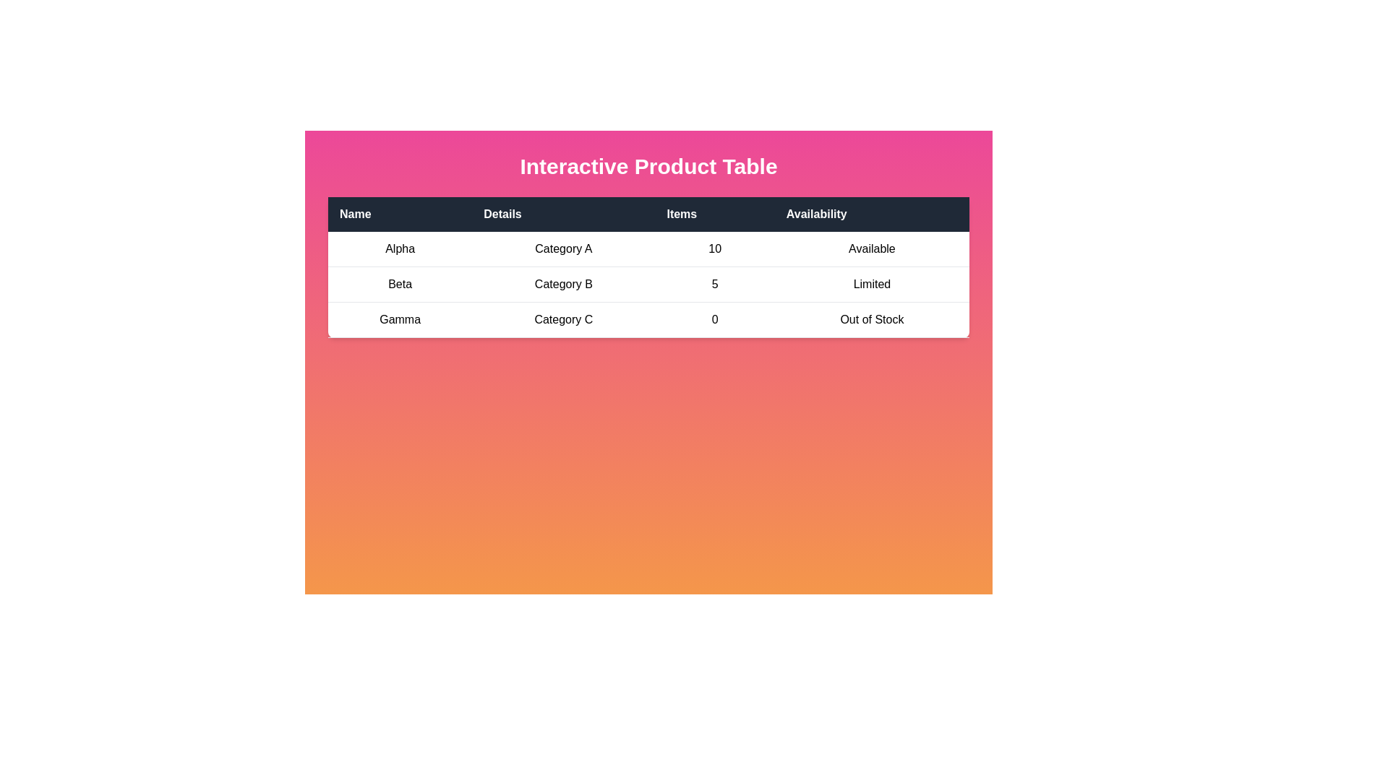 Image resolution: width=1388 pixels, height=780 pixels. I want to click on the 'Out of Stock' text label that is bold and centered in the last column of the third row of the table, indicating the availability of the item 'Gamma' in 'Category C', so click(871, 319).